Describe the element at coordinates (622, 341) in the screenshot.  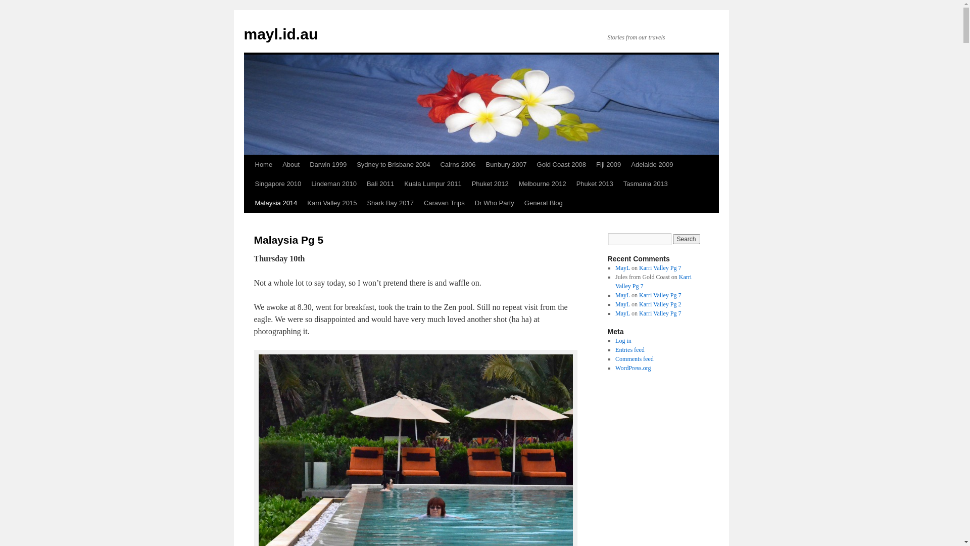
I see `'Log in'` at that location.